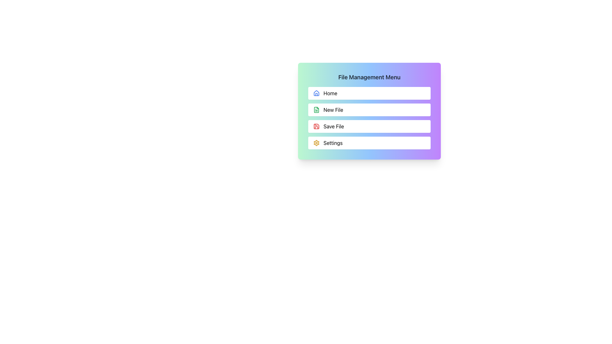  I want to click on the settings button, which is the fourth item in the vertical menu, so click(369, 142).